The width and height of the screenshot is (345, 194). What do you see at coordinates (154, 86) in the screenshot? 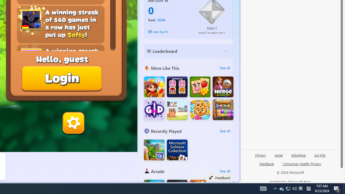
I see `'Wild West Match'` at bounding box center [154, 86].